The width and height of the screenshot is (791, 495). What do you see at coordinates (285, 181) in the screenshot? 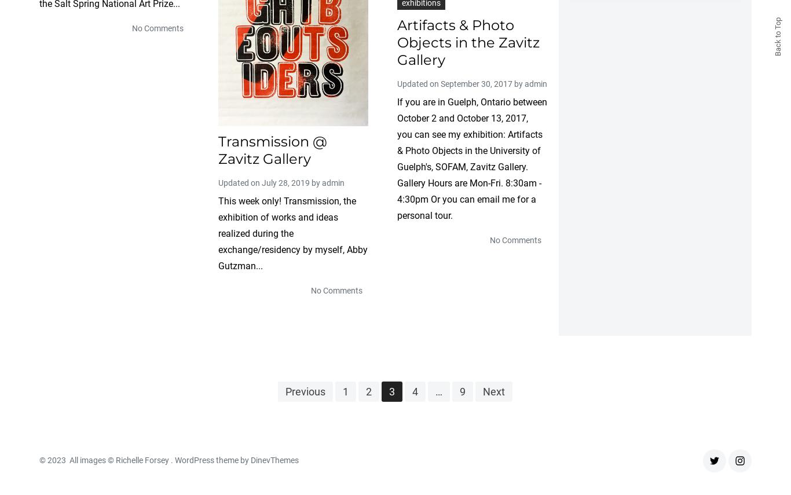
I see `'July 28, 2019'` at bounding box center [285, 181].